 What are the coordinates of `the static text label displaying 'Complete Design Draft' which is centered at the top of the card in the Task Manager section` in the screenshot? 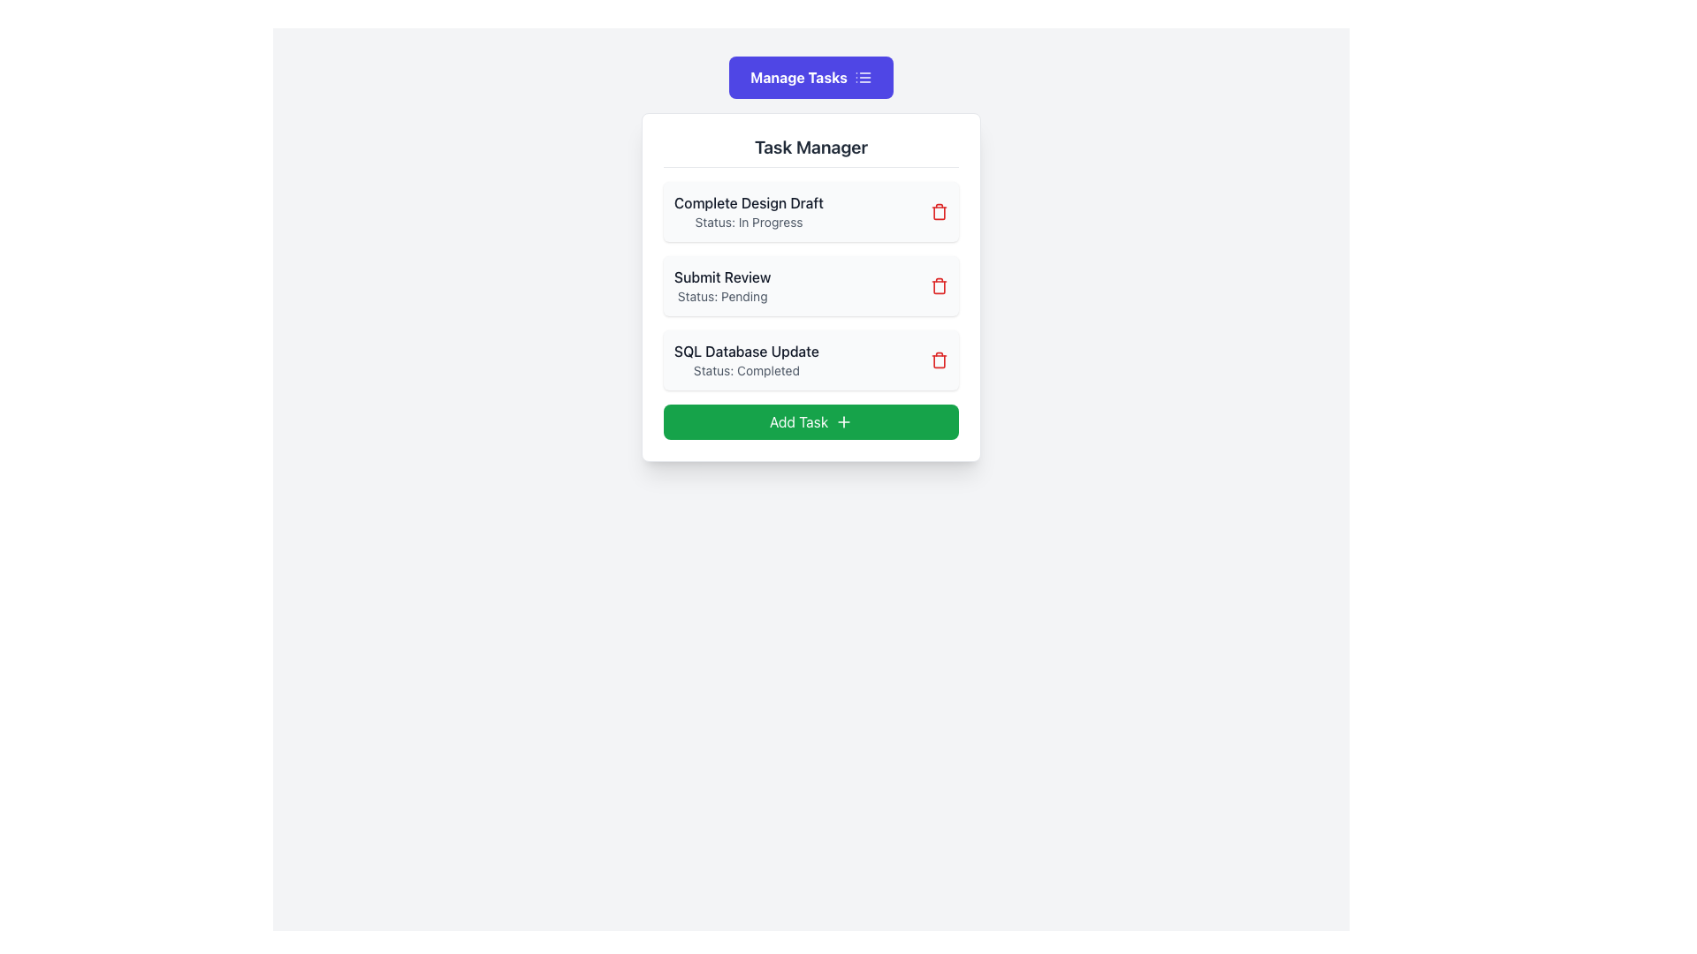 It's located at (749, 202).